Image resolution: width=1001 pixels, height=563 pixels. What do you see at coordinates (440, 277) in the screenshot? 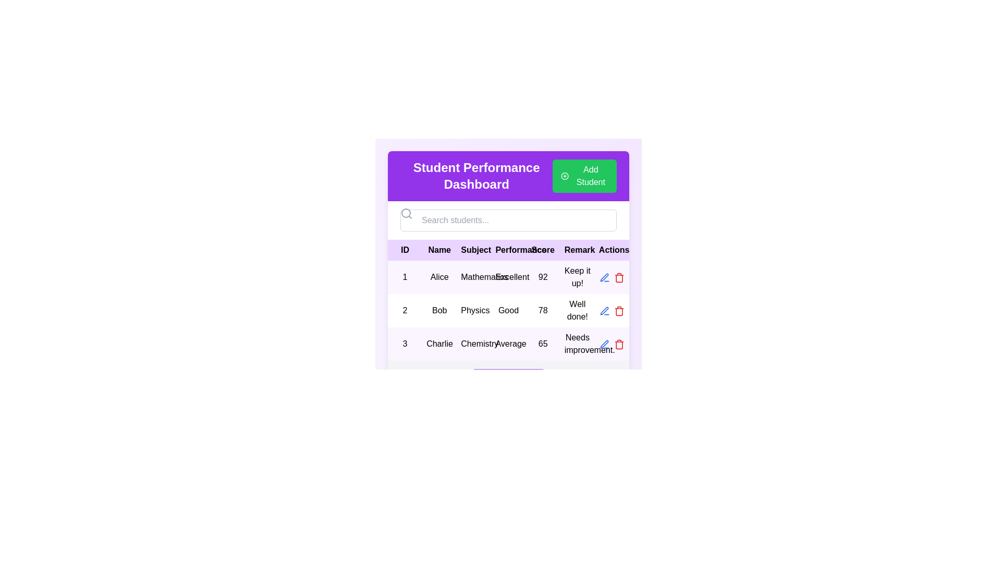
I see `the text label displaying 'Alice' located in the second column of the first row under the header 'Name' in the table` at bounding box center [440, 277].